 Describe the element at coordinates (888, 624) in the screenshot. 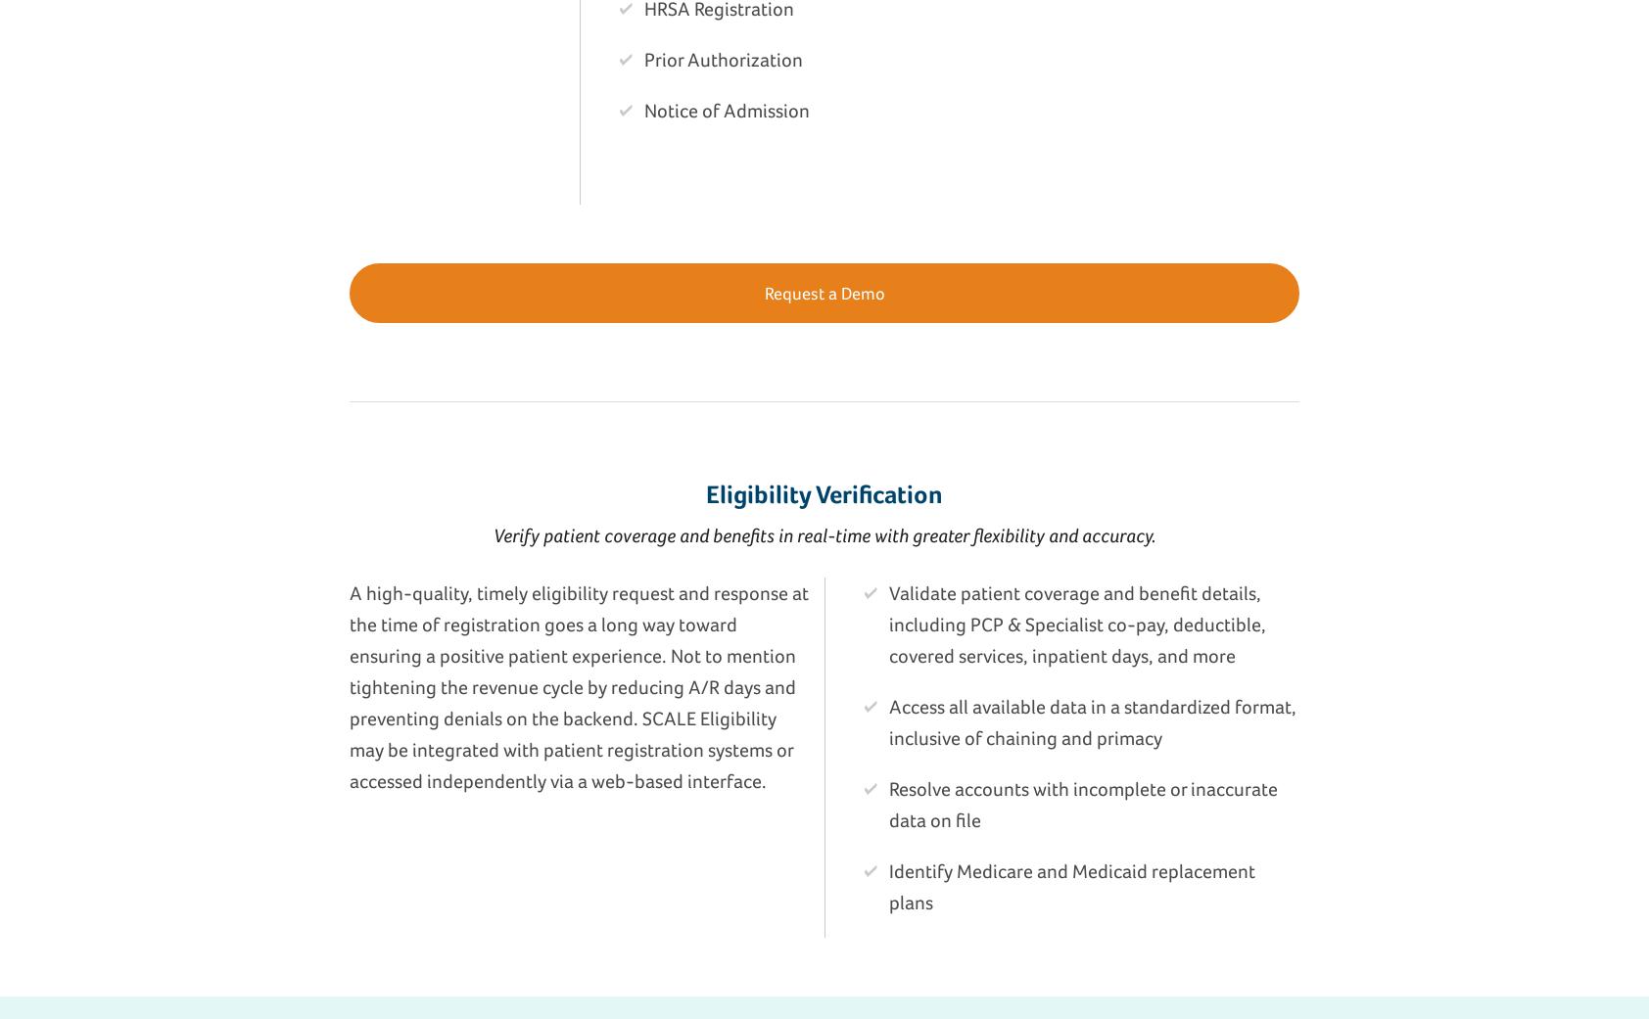

I see `'Validate patient coverage and benefit details, including PCP & Specialist co-pay, deductible, covered services, inpatient days, and more'` at that location.